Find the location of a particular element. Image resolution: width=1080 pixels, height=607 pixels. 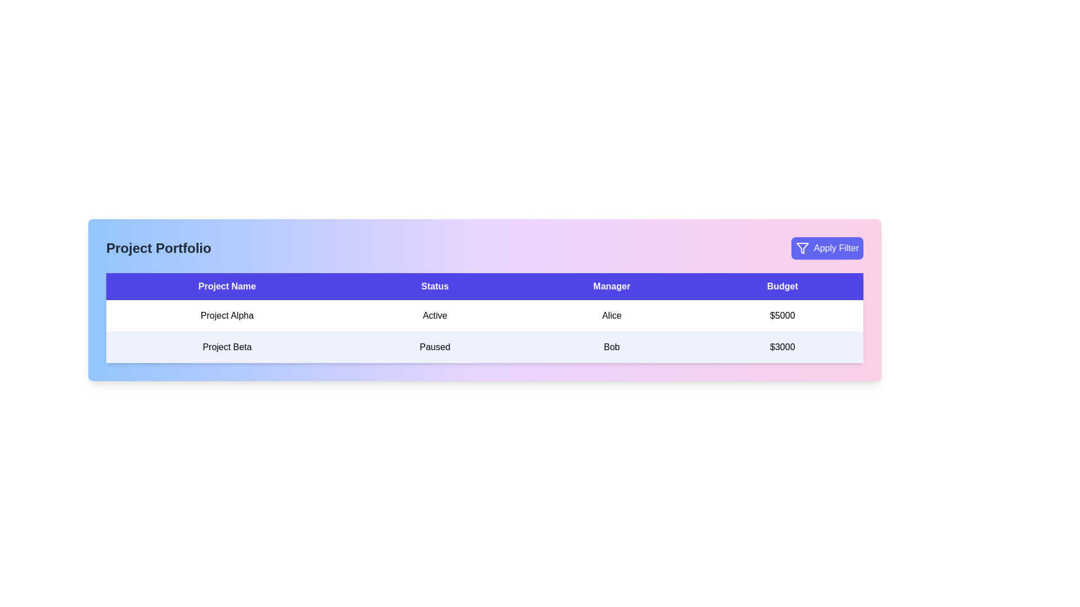

the Text label in the leftmost column of the project entry table is located at coordinates (226, 316).